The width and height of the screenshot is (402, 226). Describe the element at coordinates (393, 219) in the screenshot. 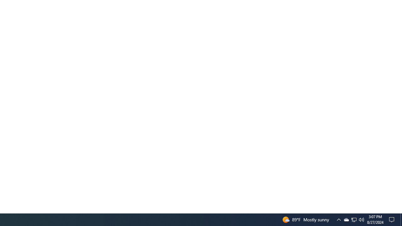

I see `'Action Center, No new notifications'` at that location.